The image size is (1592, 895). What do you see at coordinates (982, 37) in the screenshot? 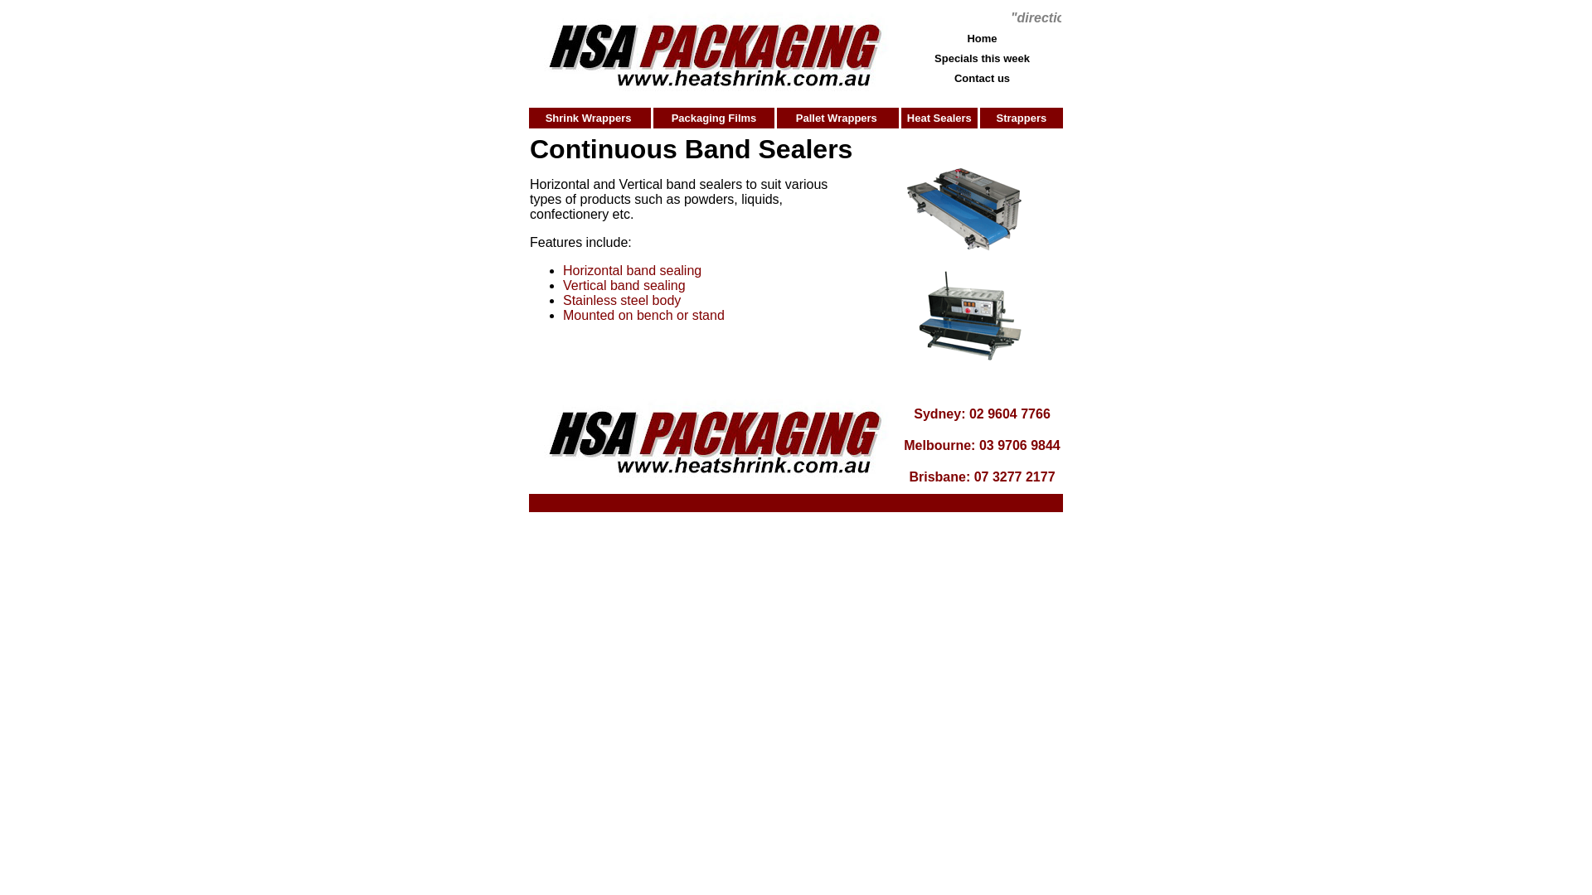
I see `'Home'` at bounding box center [982, 37].